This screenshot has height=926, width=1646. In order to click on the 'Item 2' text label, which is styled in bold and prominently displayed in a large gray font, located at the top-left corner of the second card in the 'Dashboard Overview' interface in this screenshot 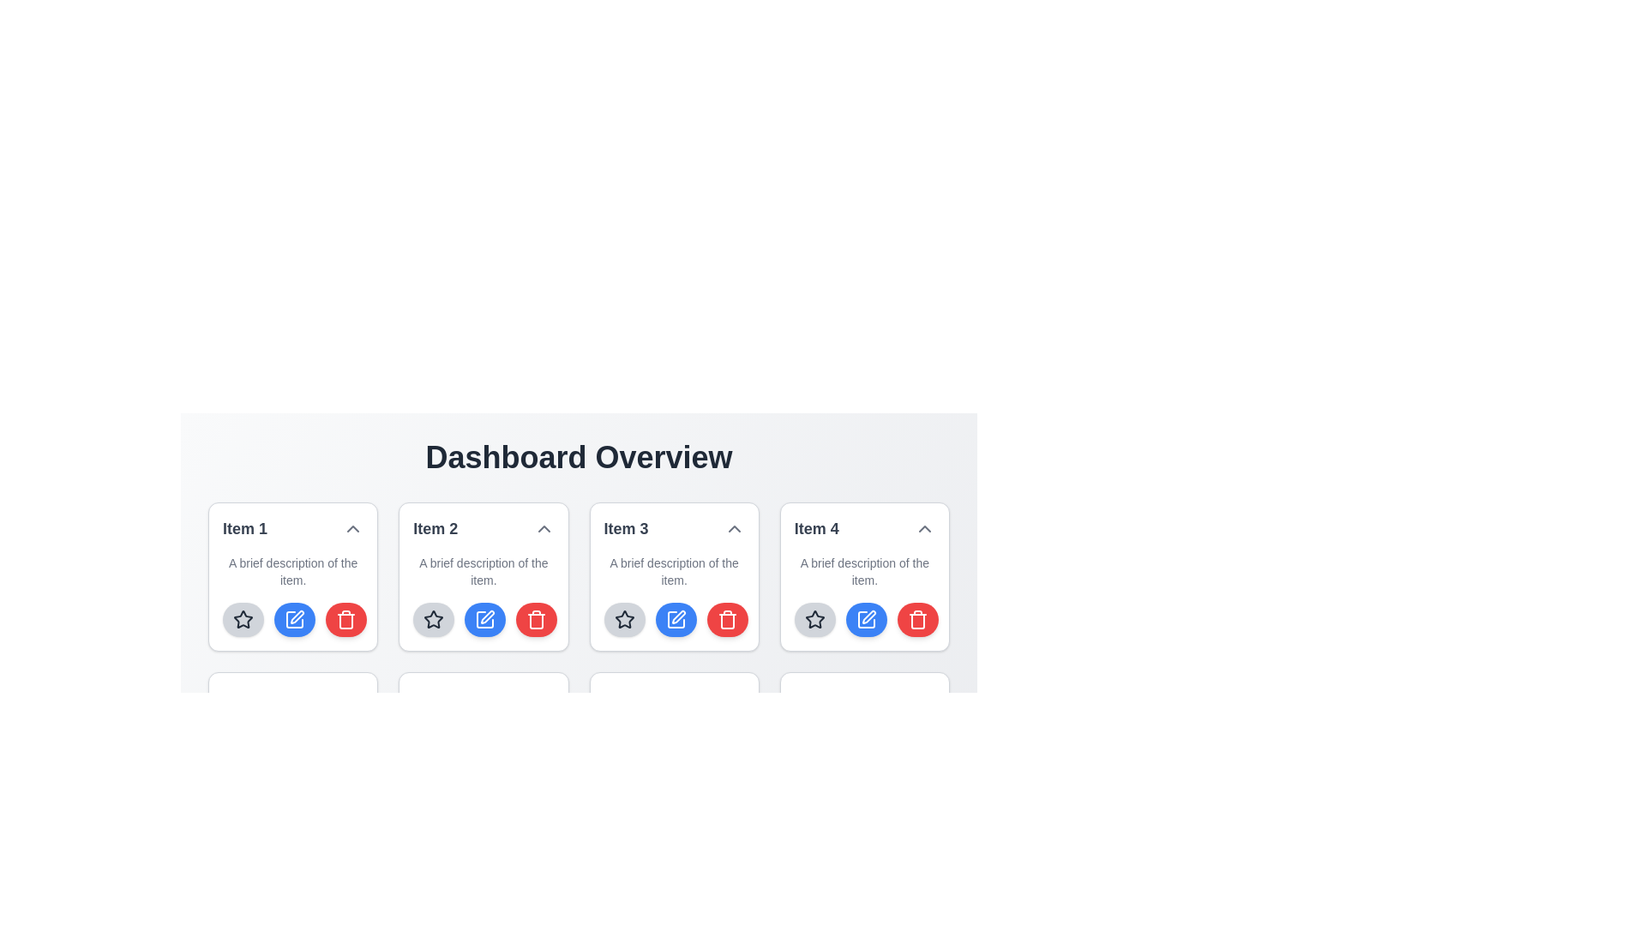, I will do `click(436, 528)`.